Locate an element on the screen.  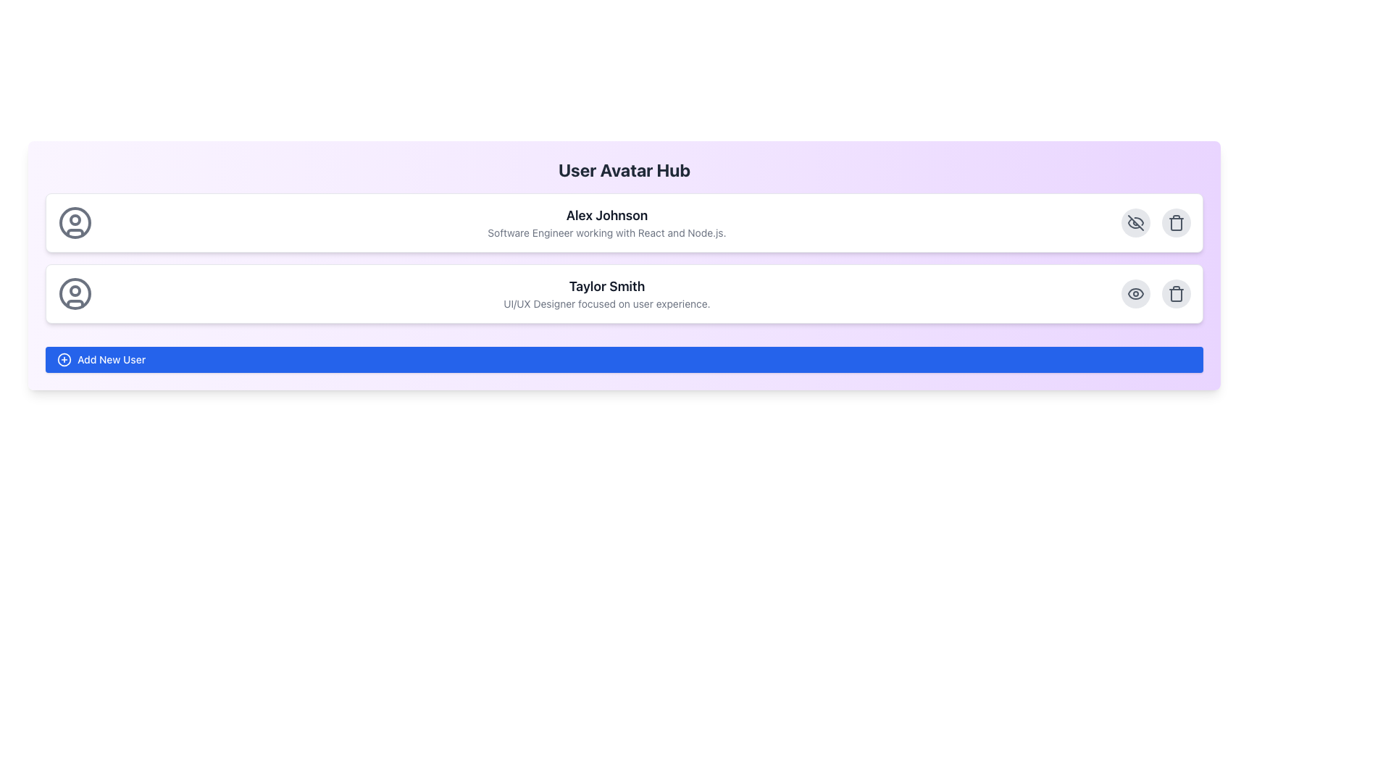
the text label displaying 'Taylor Smith', which is a bold dark gray text located in the middle of a card-like UI component is located at coordinates (607, 287).